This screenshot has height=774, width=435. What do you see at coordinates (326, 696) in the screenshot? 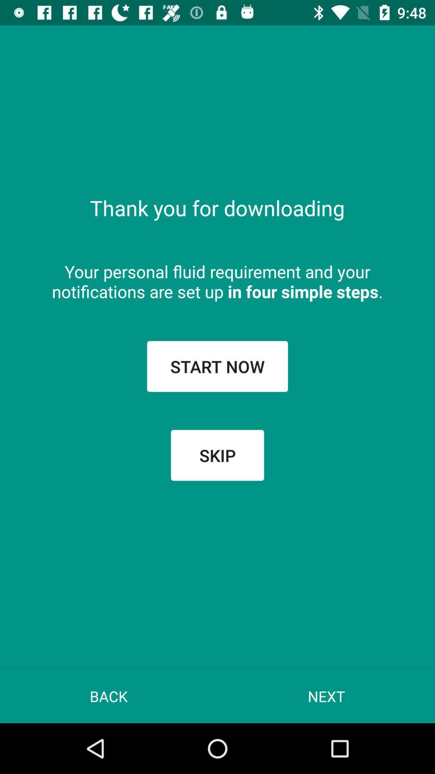
I see `item at the bottom right corner` at bounding box center [326, 696].